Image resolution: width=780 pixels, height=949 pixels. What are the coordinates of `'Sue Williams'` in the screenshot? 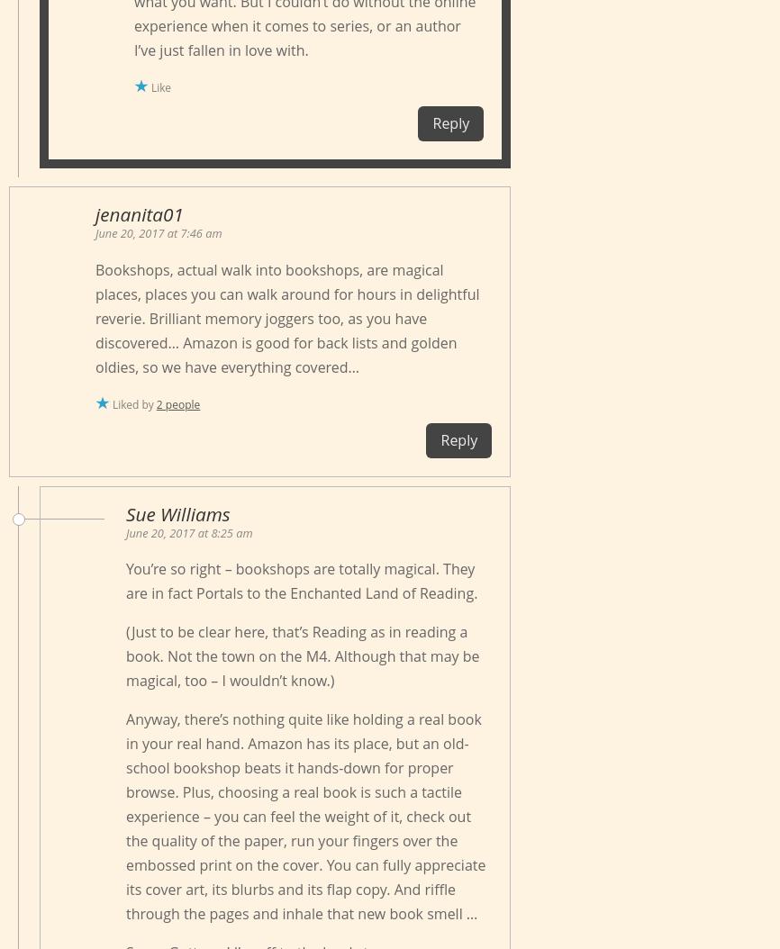 It's located at (126, 513).